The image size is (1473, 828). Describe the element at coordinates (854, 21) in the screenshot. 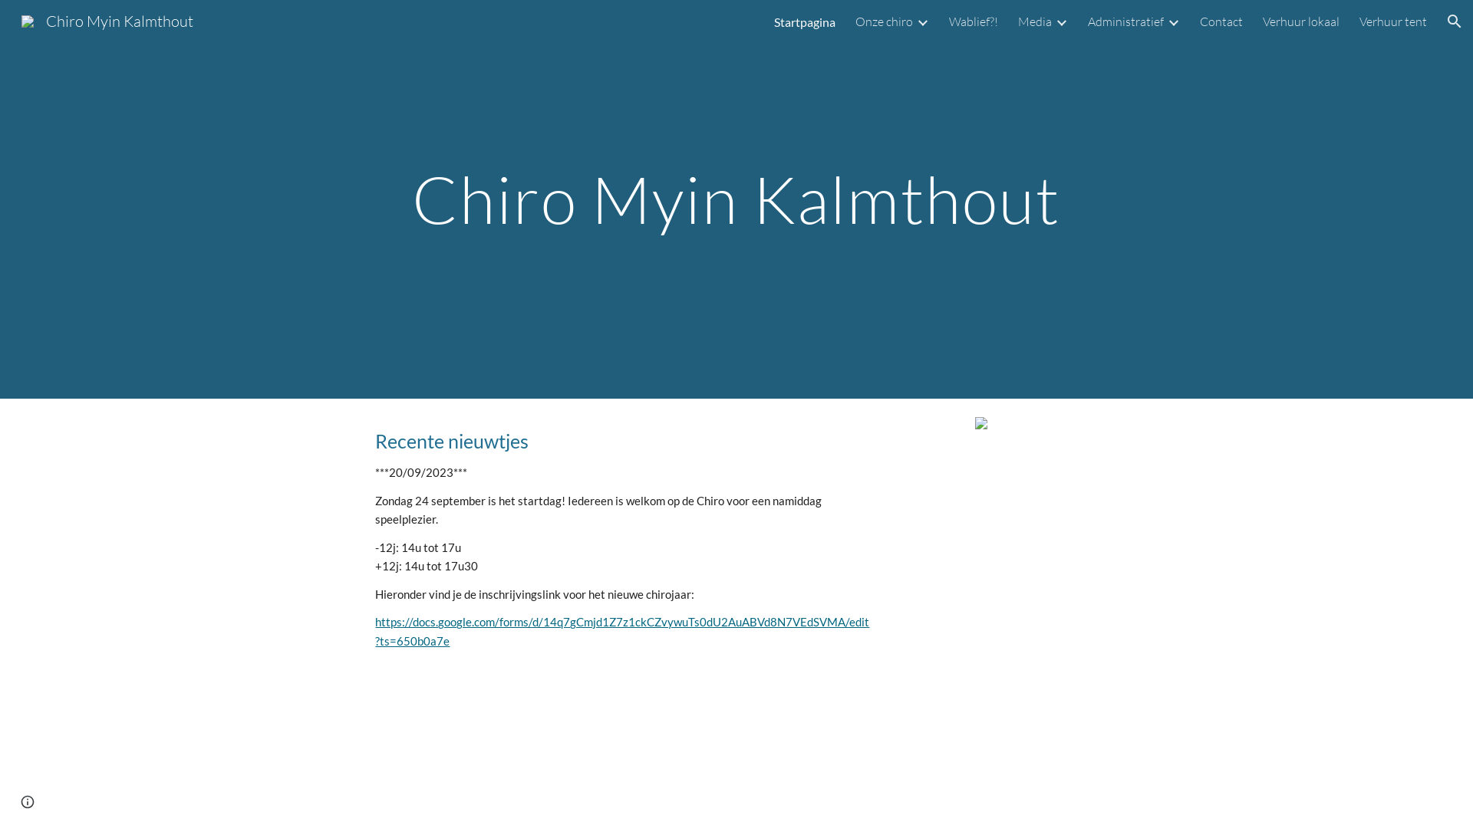

I see `'Onze chiro'` at that location.